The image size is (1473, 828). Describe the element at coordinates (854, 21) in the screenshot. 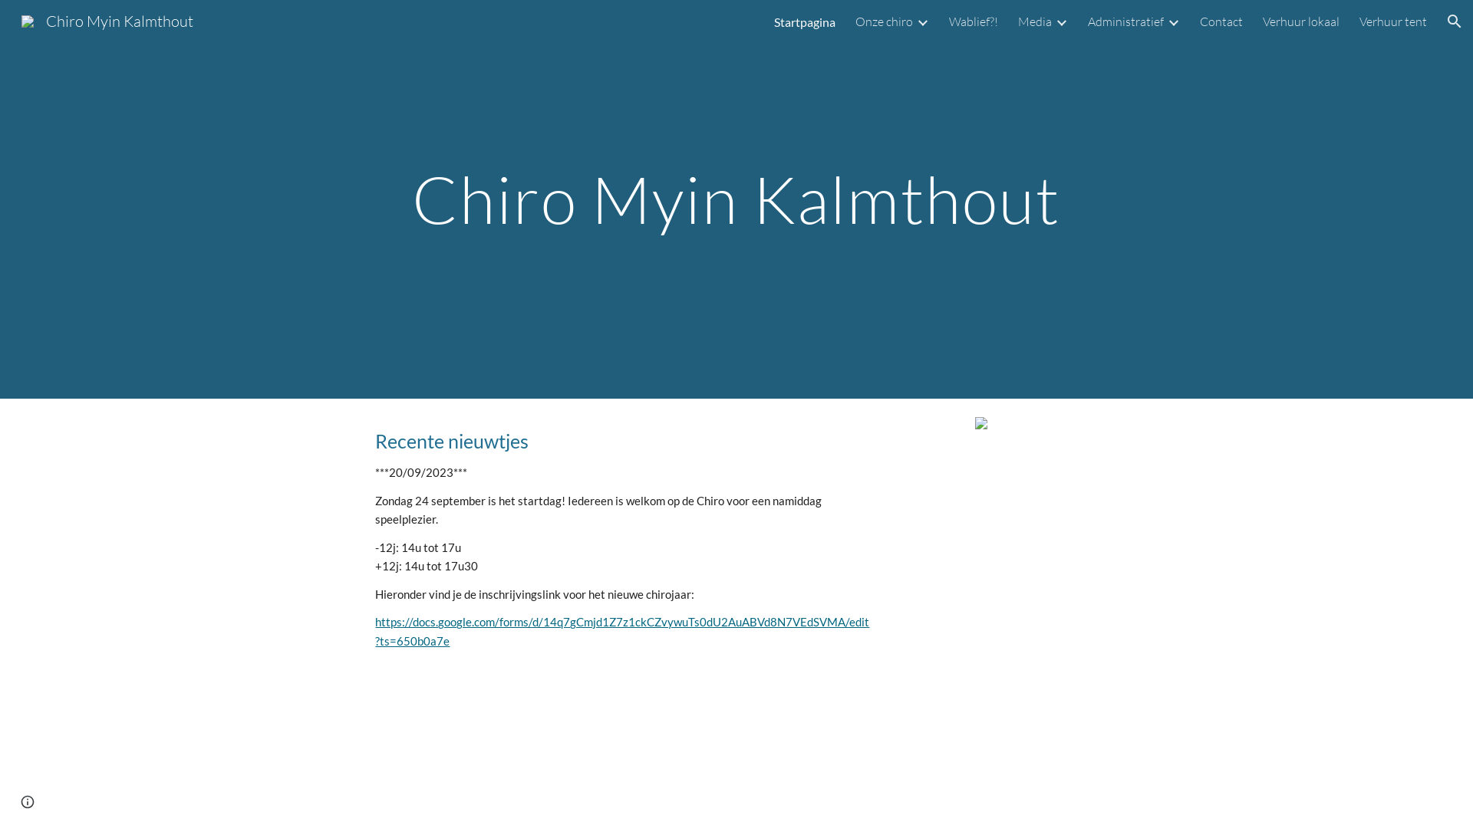

I see `'Onze chiro'` at that location.